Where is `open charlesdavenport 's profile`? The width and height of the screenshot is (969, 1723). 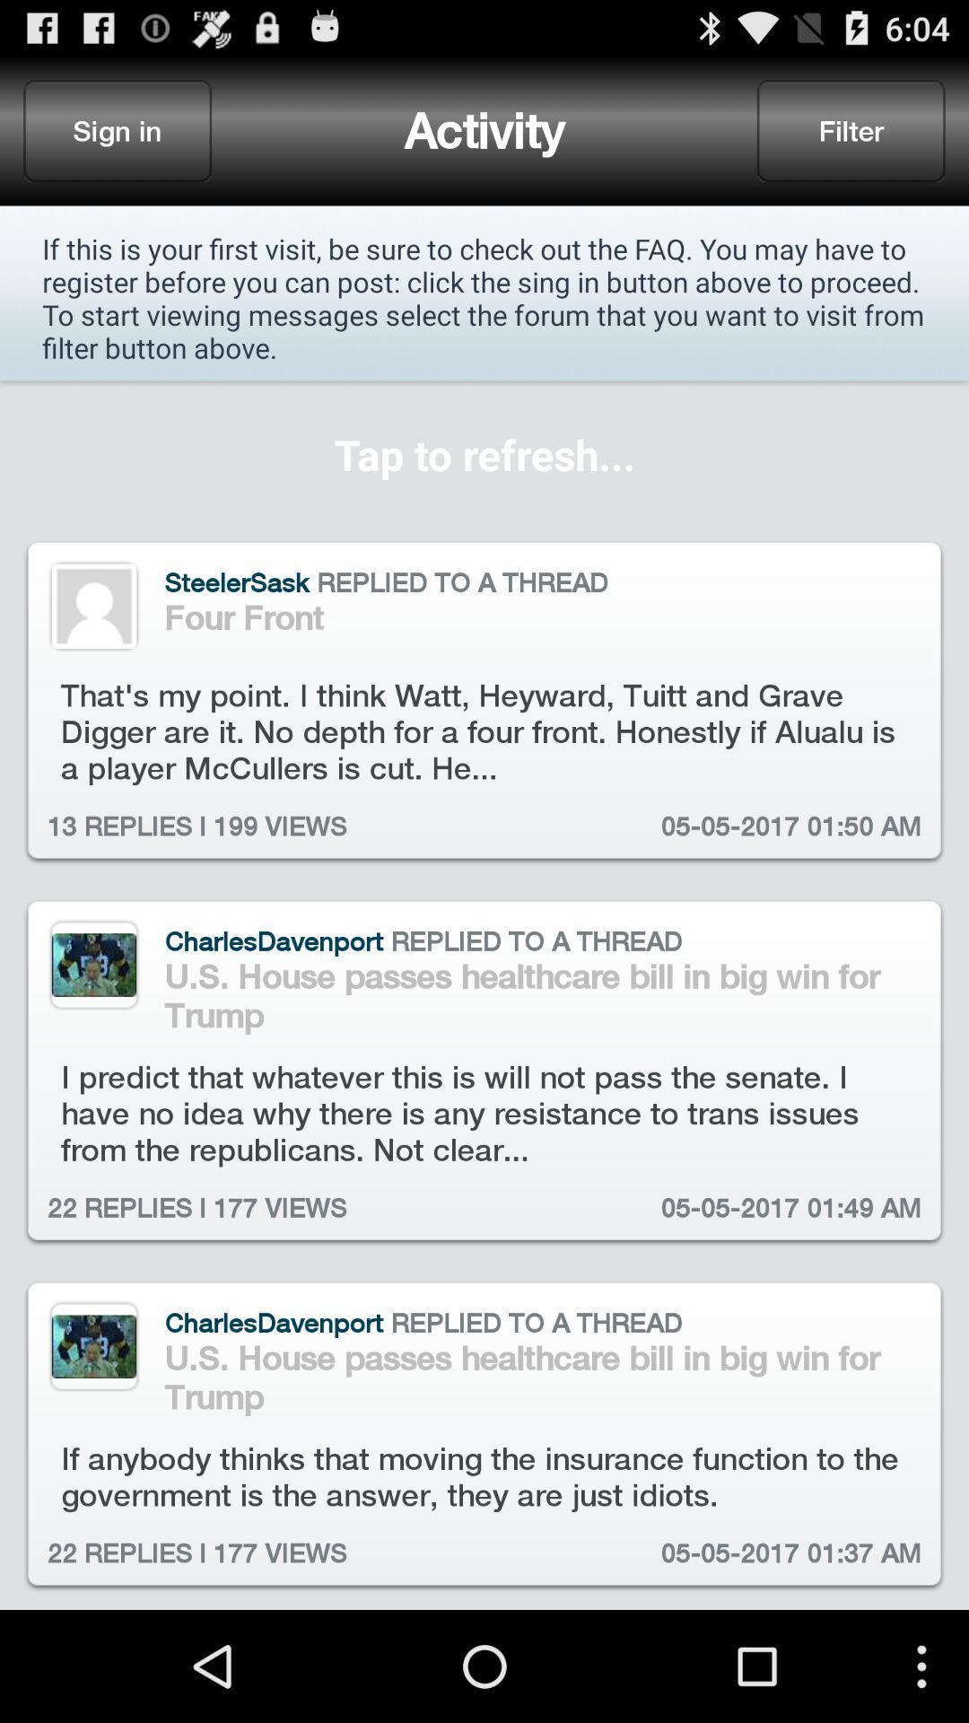
open charlesdavenport 's profile is located at coordinates (93, 964).